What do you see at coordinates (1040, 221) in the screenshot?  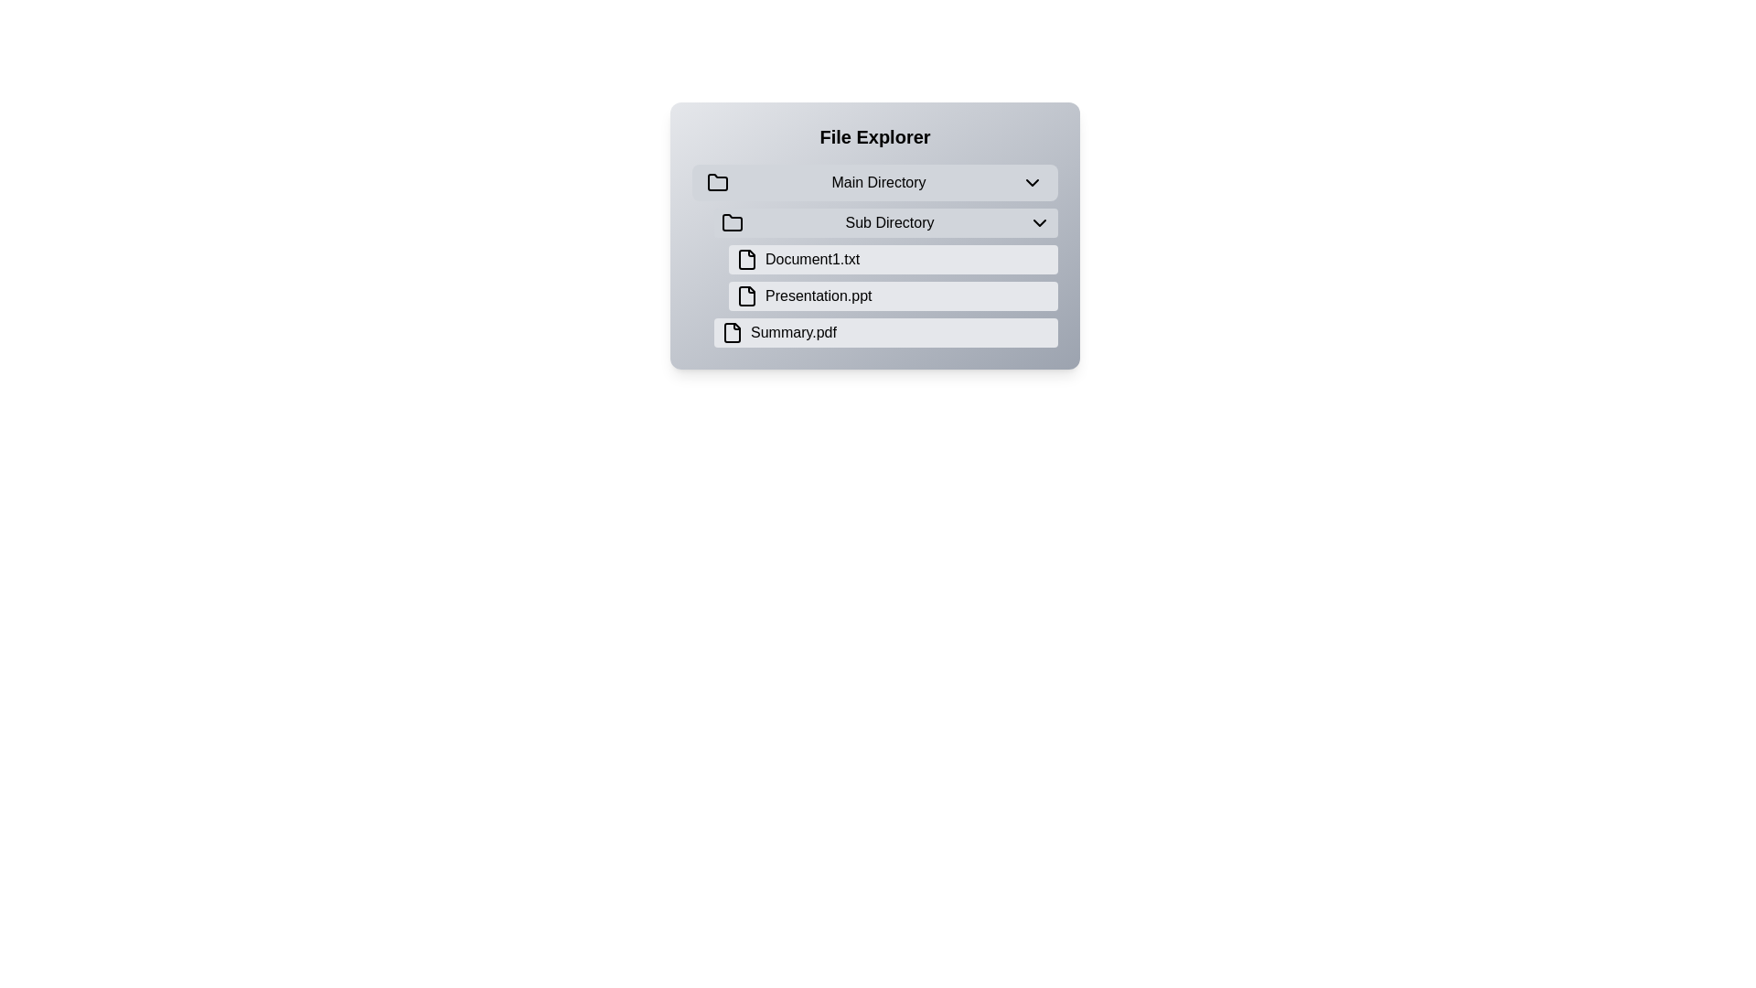 I see `the chevron-down icon located to the right of the 'Sub Directory' button in the File Explorer interface` at bounding box center [1040, 221].